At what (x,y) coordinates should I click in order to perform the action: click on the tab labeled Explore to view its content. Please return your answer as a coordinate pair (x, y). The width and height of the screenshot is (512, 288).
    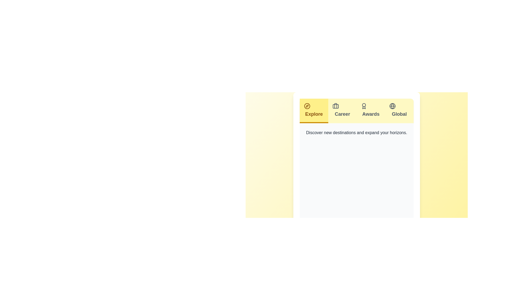
    Looking at the image, I should click on (314, 111).